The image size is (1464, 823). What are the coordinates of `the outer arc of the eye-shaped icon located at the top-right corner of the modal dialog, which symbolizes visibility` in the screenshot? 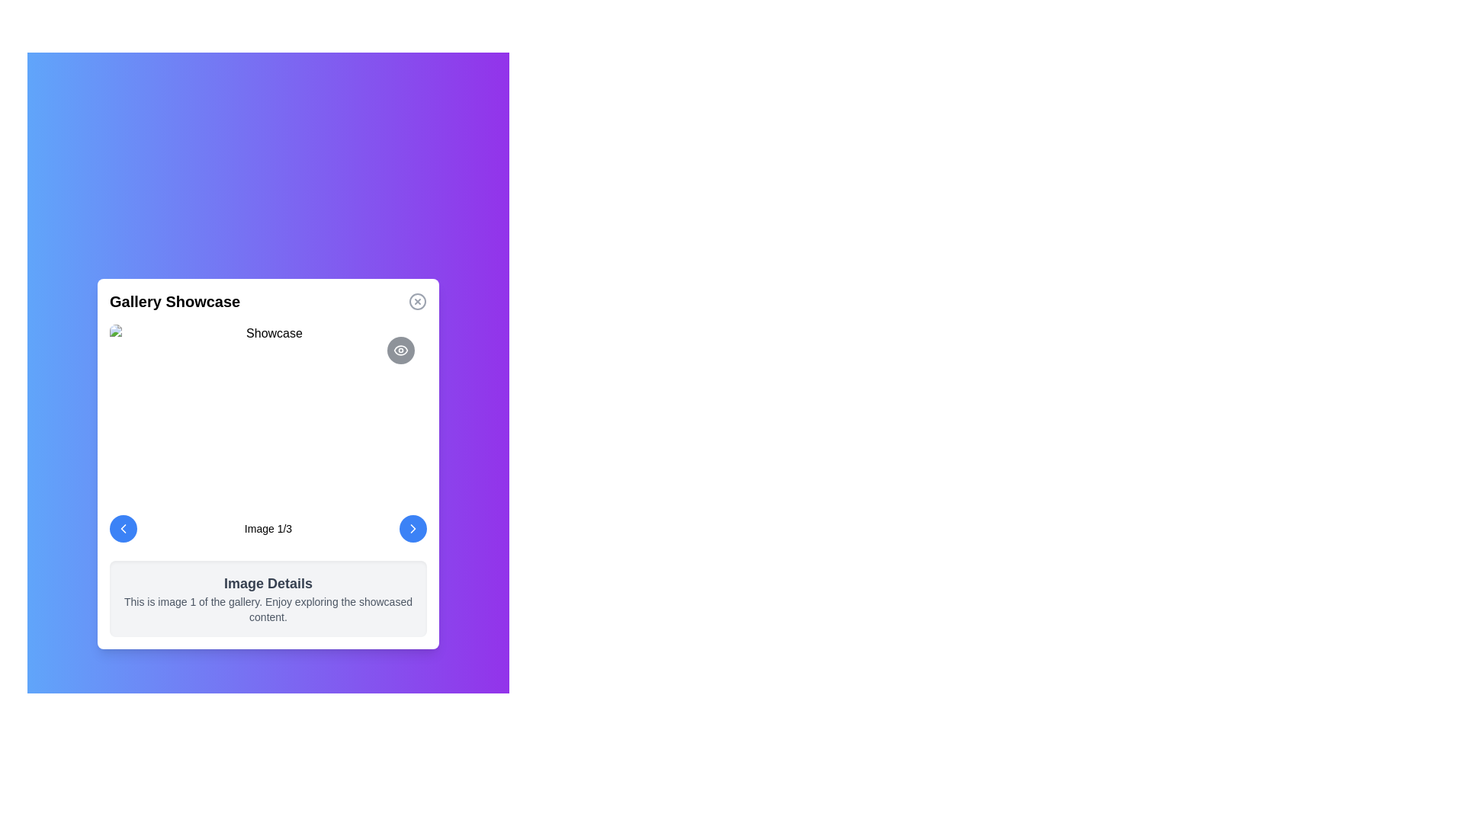 It's located at (401, 350).